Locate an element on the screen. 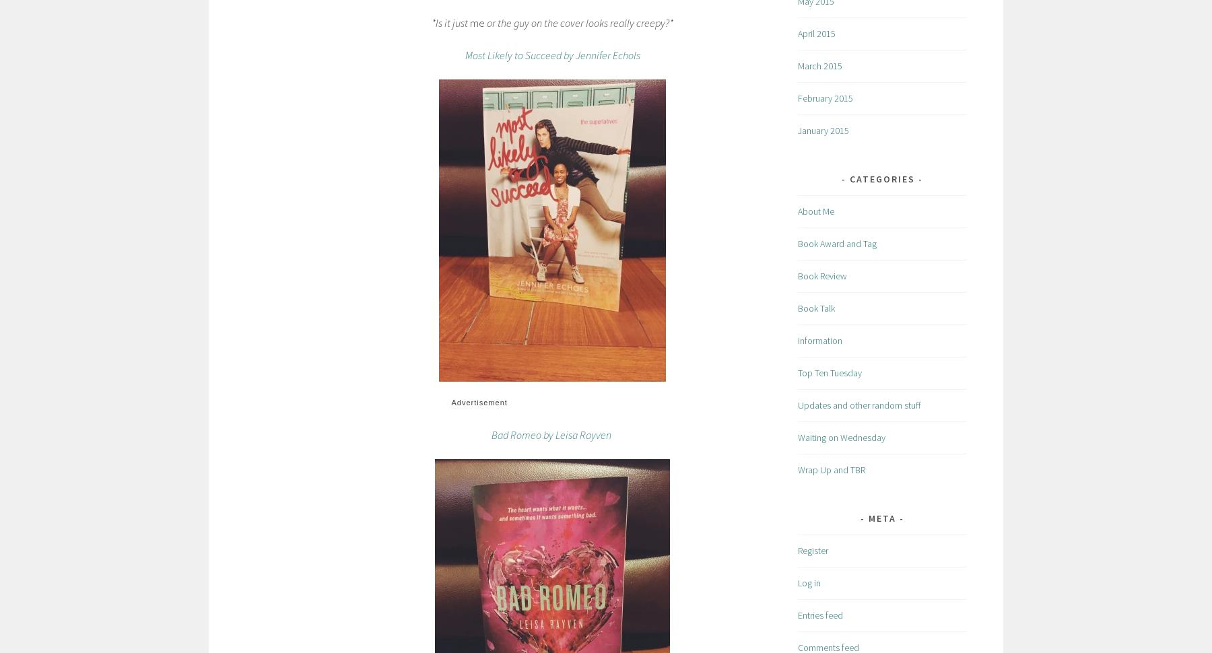  'About Me' is located at coordinates (815, 211).